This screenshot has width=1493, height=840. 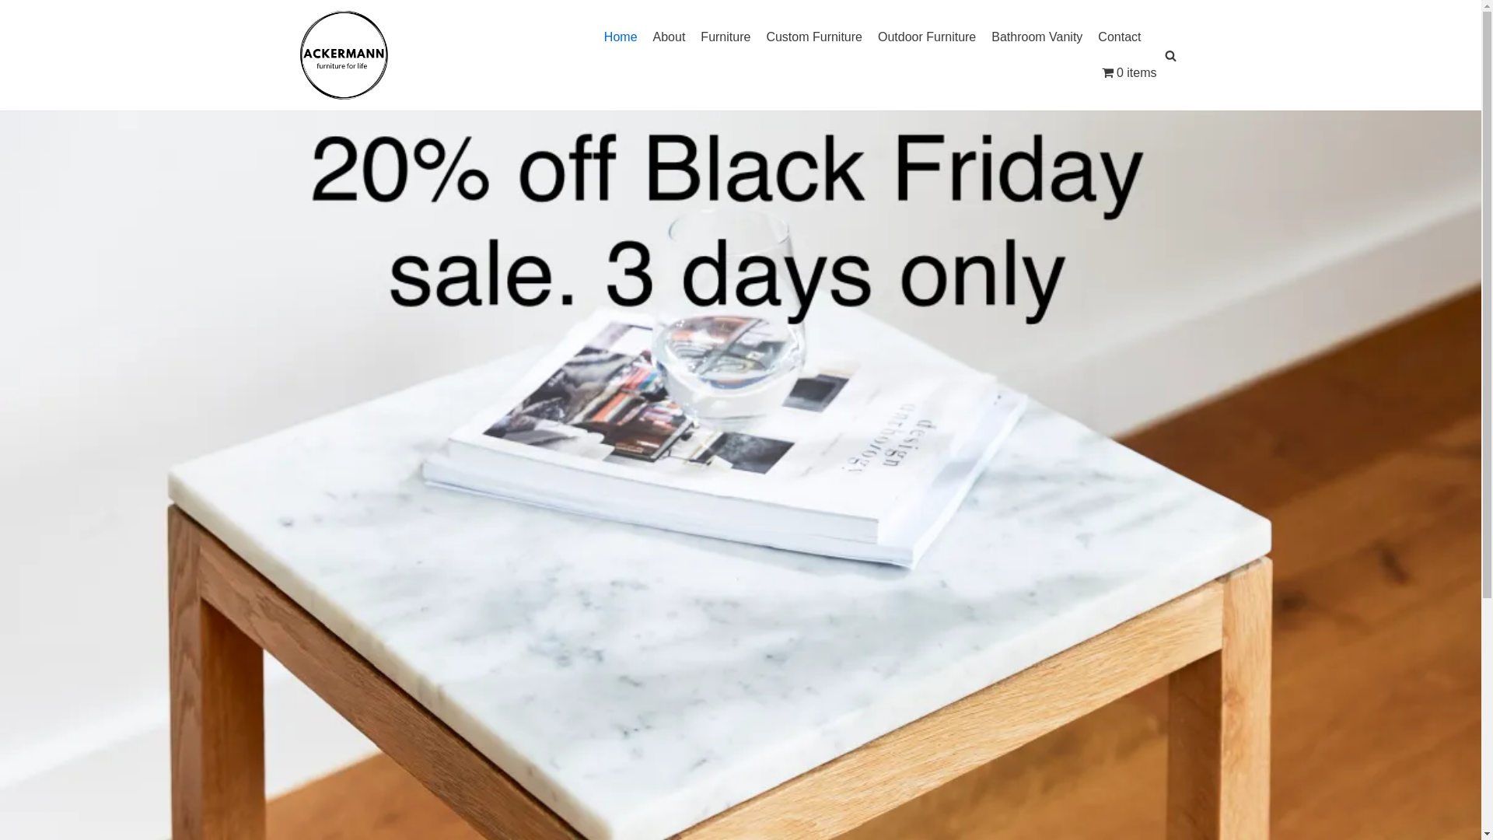 What do you see at coordinates (1037, 36) in the screenshot?
I see `'Bathroom Vanity'` at bounding box center [1037, 36].